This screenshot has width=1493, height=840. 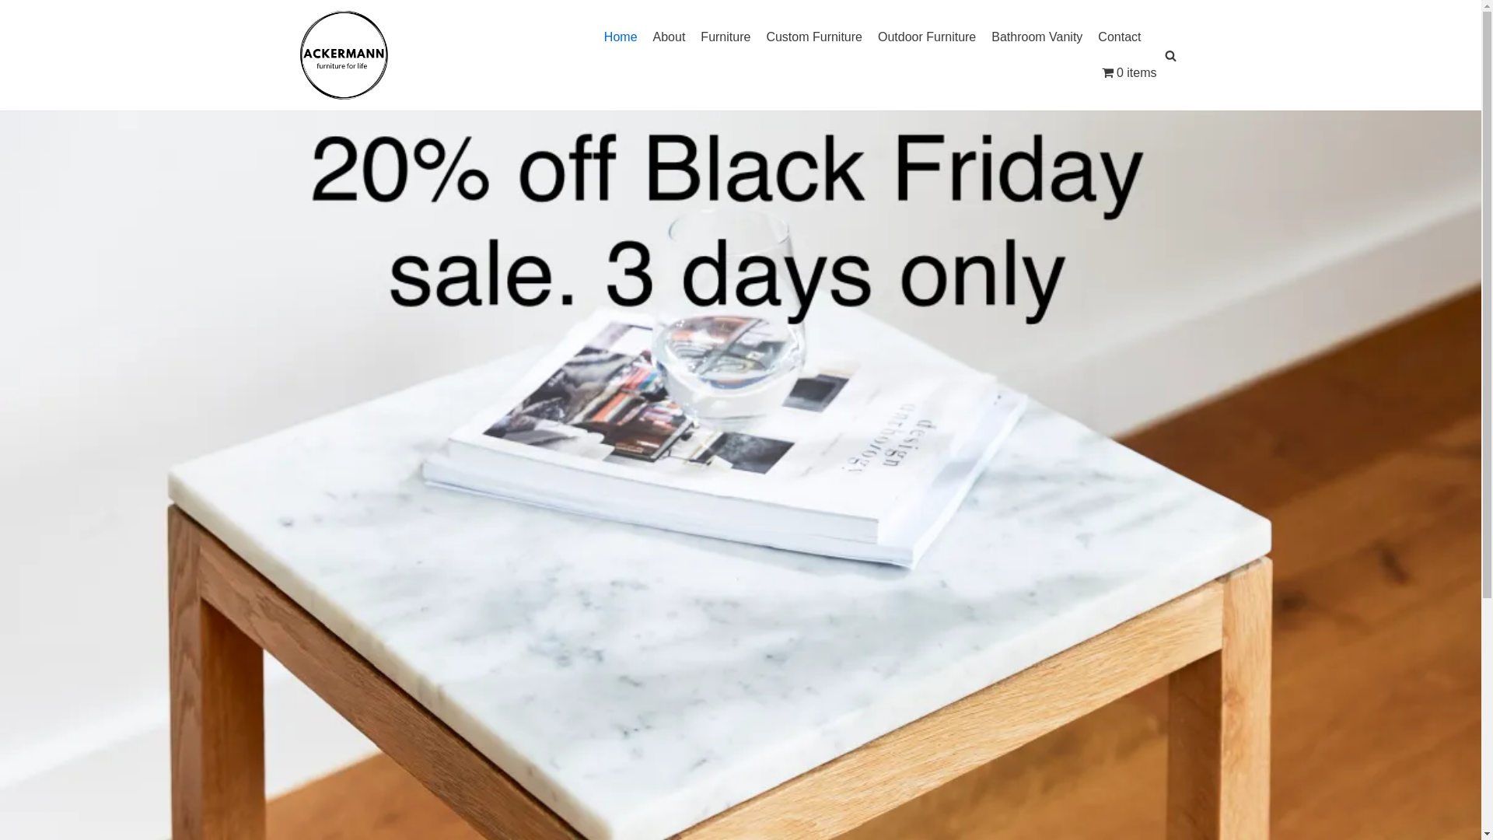 What do you see at coordinates (1037, 36) in the screenshot?
I see `'Bathroom Vanity'` at bounding box center [1037, 36].